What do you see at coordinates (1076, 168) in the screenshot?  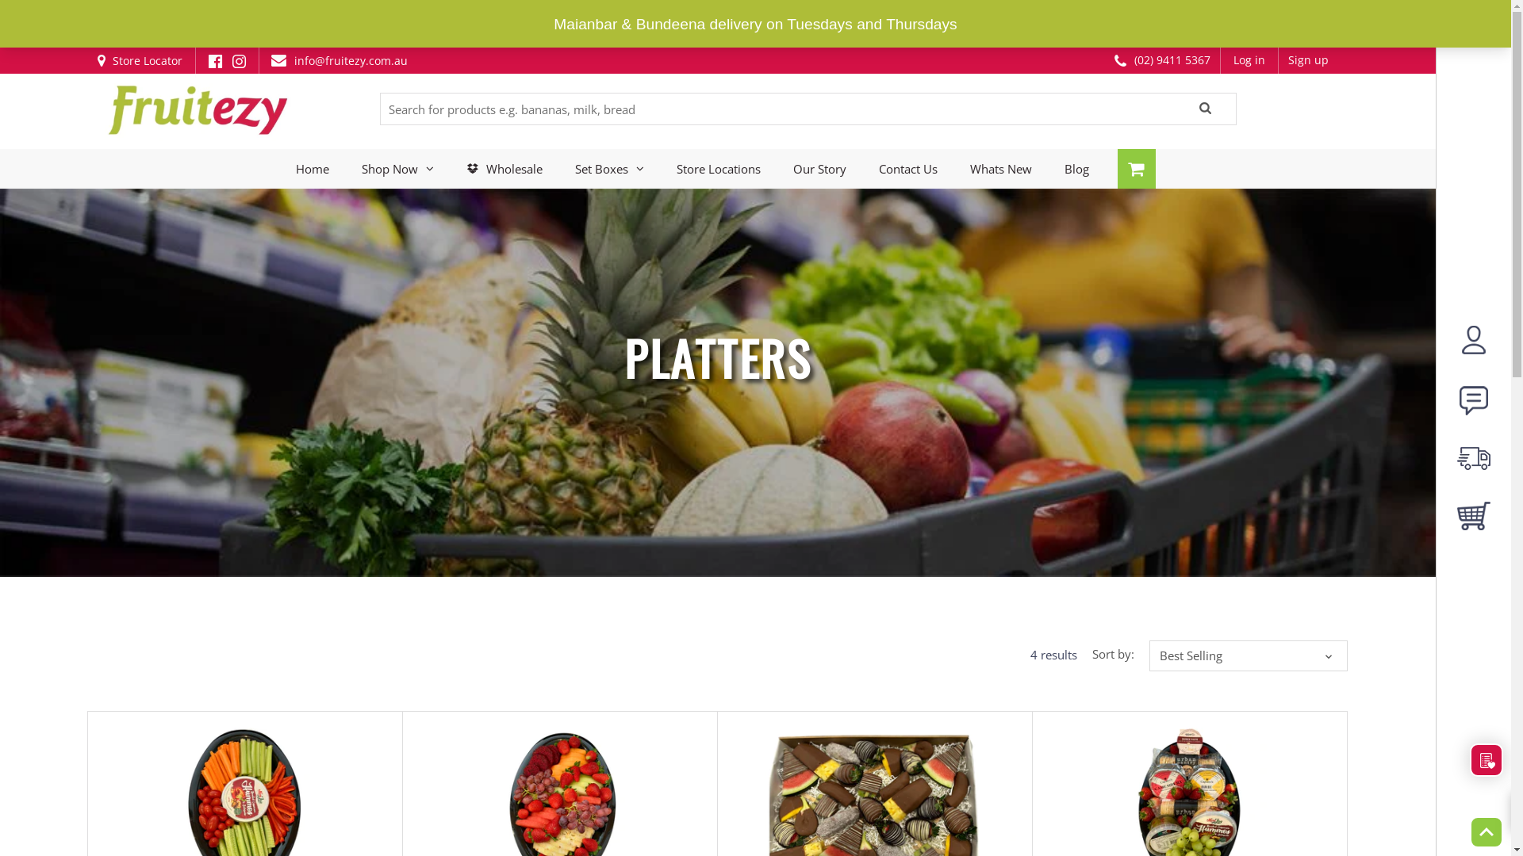 I see `'Blog'` at bounding box center [1076, 168].